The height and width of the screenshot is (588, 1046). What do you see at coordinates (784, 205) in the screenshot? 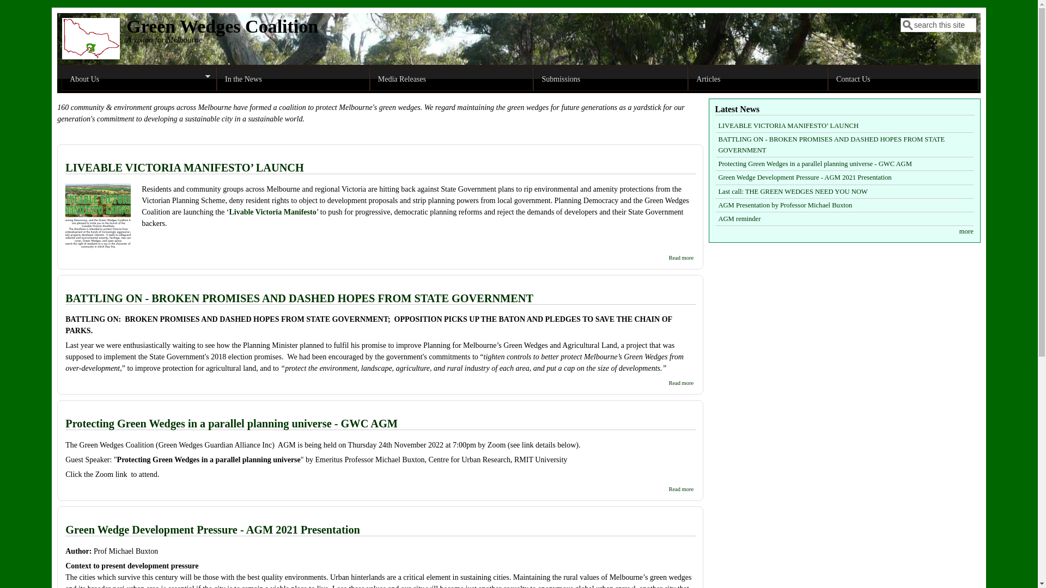
I see `'AGM Presentation by Professor Michael Buxton'` at bounding box center [784, 205].